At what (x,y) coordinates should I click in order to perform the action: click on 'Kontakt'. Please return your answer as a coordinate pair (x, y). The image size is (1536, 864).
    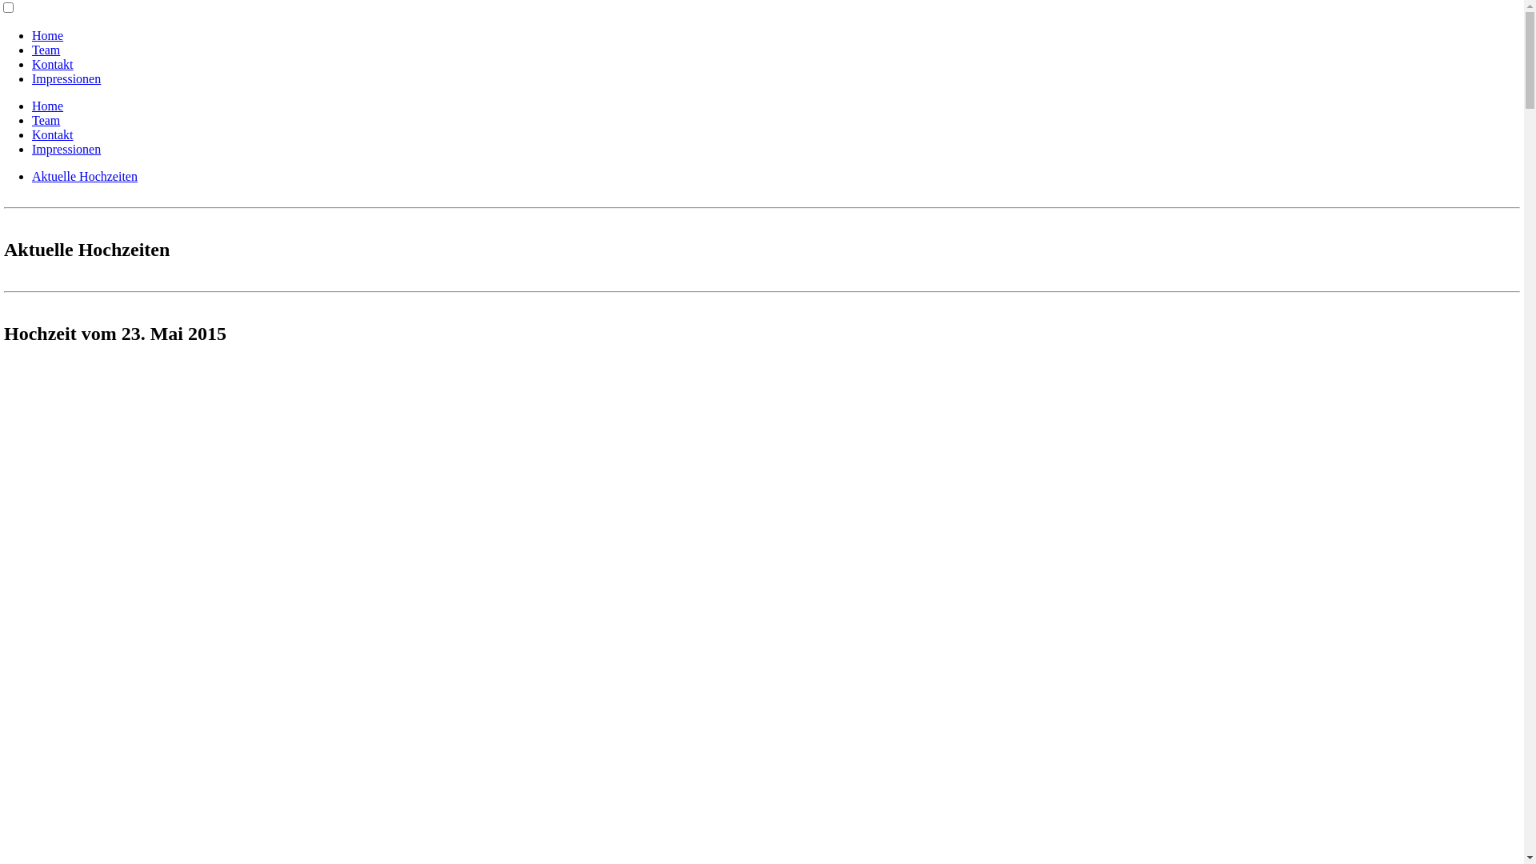
    Looking at the image, I should click on (31, 63).